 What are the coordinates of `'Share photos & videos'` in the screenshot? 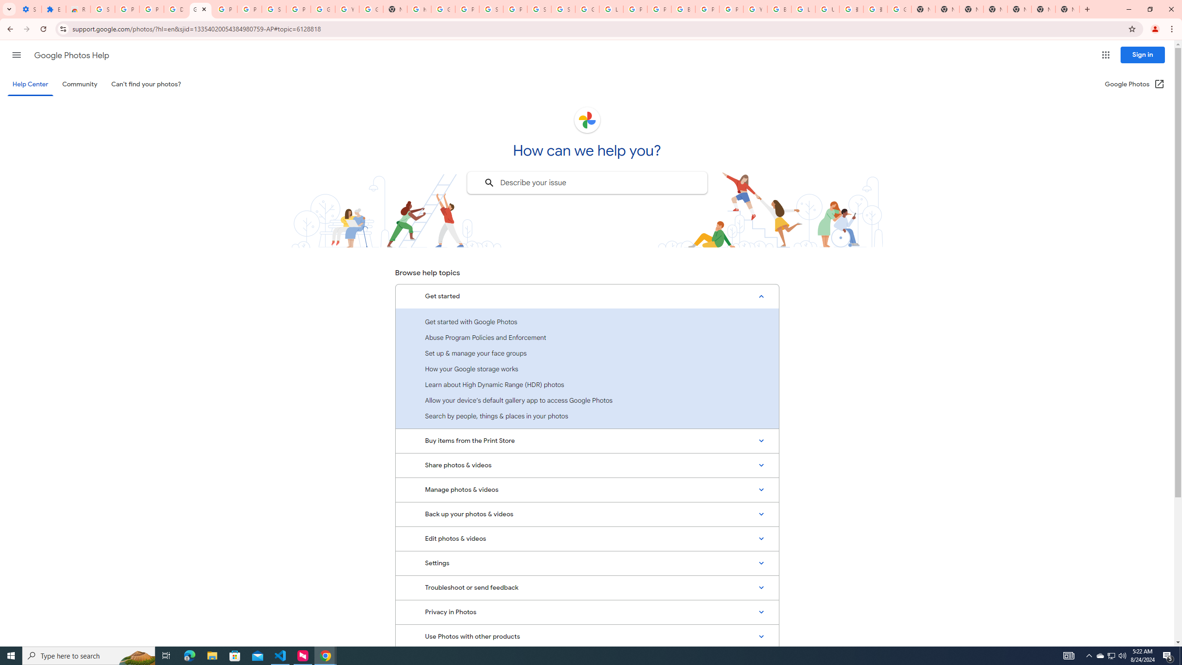 It's located at (587, 465).